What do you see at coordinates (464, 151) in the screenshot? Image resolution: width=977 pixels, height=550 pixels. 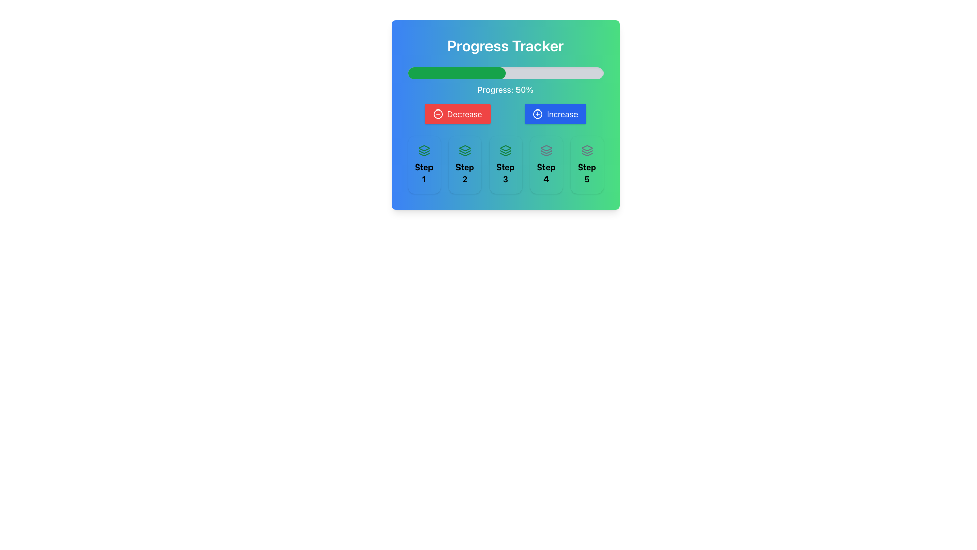 I see `the icon representing 'Step 2' in the Progress Tracker interface, which visually denotes a specific step in the progress tracker` at bounding box center [464, 151].